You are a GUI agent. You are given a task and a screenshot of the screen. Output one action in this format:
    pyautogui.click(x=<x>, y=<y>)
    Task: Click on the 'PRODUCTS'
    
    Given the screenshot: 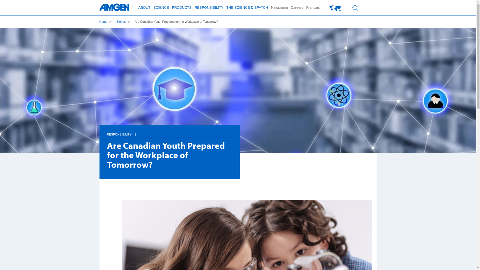 What is the action you would take?
    pyautogui.click(x=181, y=7)
    